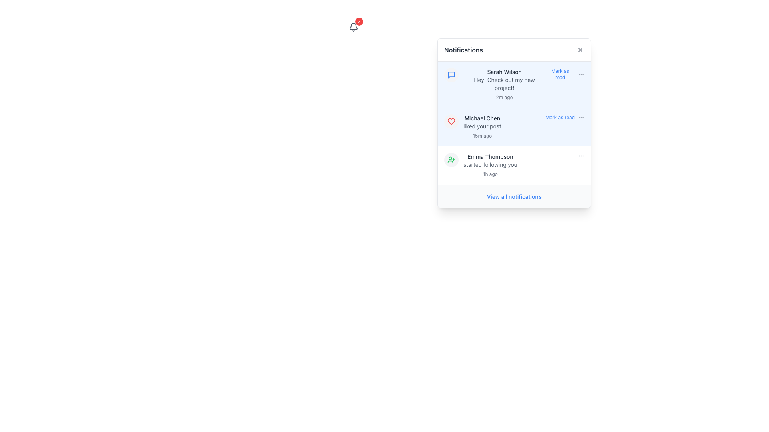 This screenshot has width=769, height=432. I want to click on the text snippet reading 'started following you' located below the name 'Emma Thompson' in the notification section, so click(490, 164).